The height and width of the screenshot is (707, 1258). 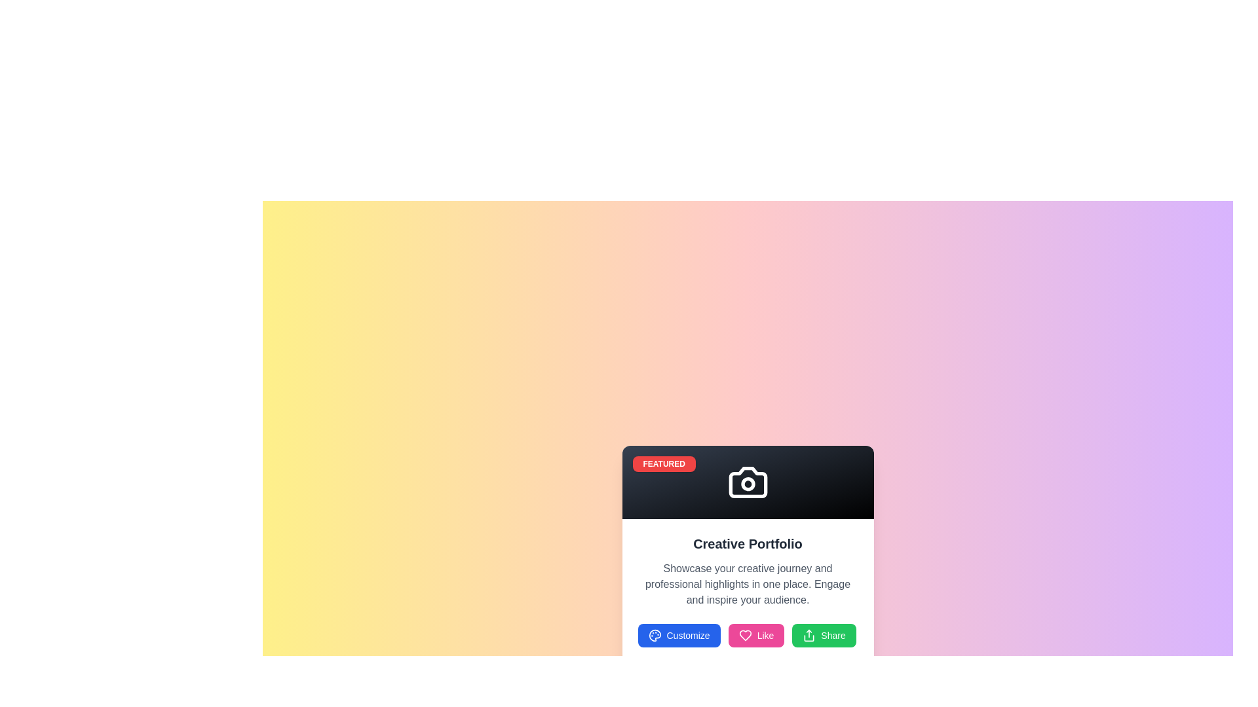 What do you see at coordinates (748, 584) in the screenshot?
I see `the explanatory text element that describes the creative journey and professional highlights, located beneath the title 'Creative Portfolio'` at bounding box center [748, 584].